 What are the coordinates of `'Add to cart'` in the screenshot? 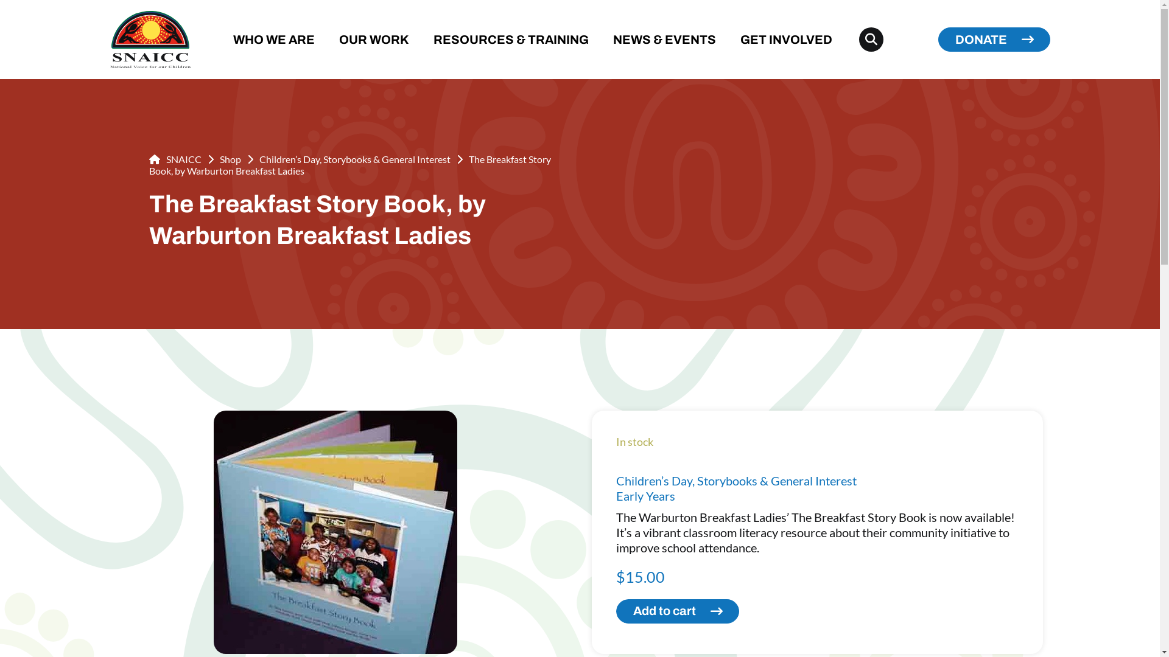 It's located at (677, 611).